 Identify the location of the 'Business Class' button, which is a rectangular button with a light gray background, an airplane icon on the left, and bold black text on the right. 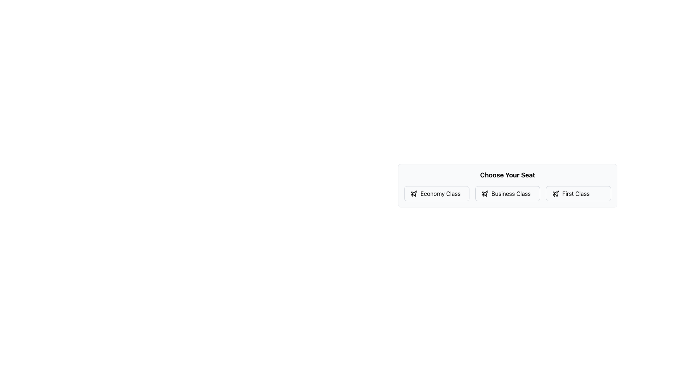
(507, 193).